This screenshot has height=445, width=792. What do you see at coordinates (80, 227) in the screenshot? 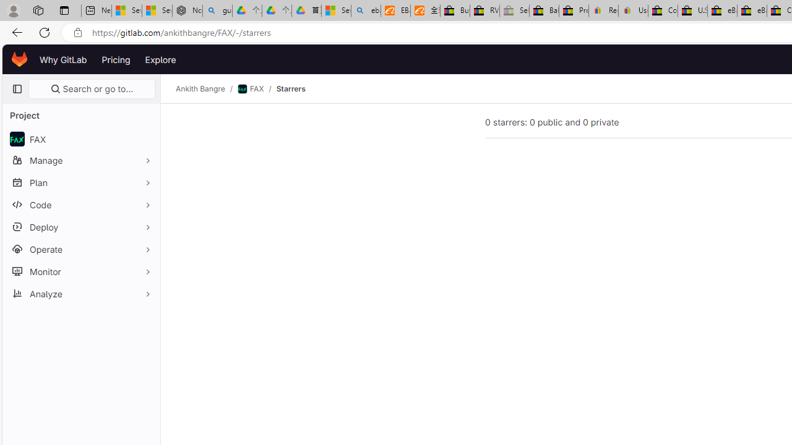
I see `'Deploy'` at bounding box center [80, 227].